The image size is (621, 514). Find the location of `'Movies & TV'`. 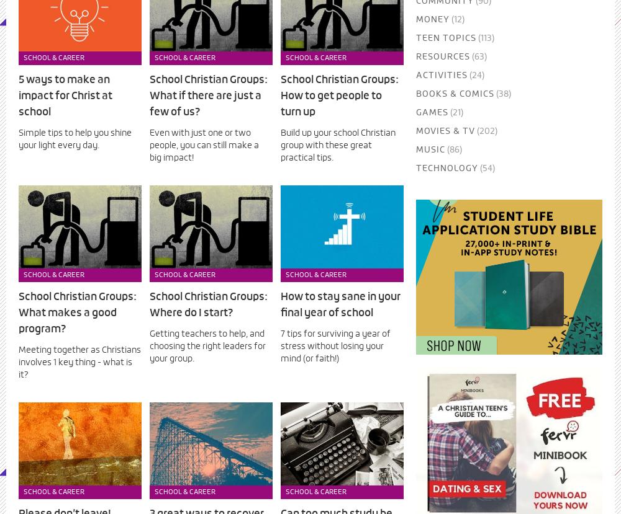

'Movies & TV' is located at coordinates (444, 130).